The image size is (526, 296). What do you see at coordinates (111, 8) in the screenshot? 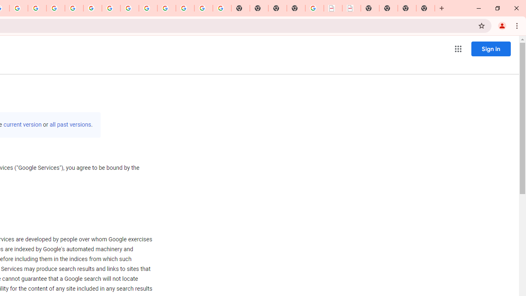
I see `'YouTube'` at bounding box center [111, 8].